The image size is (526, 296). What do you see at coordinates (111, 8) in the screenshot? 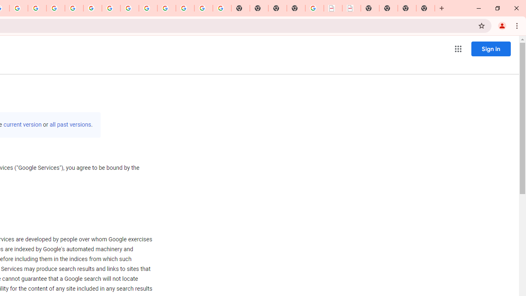
I see `'YouTube'` at bounding box center [111, 8].